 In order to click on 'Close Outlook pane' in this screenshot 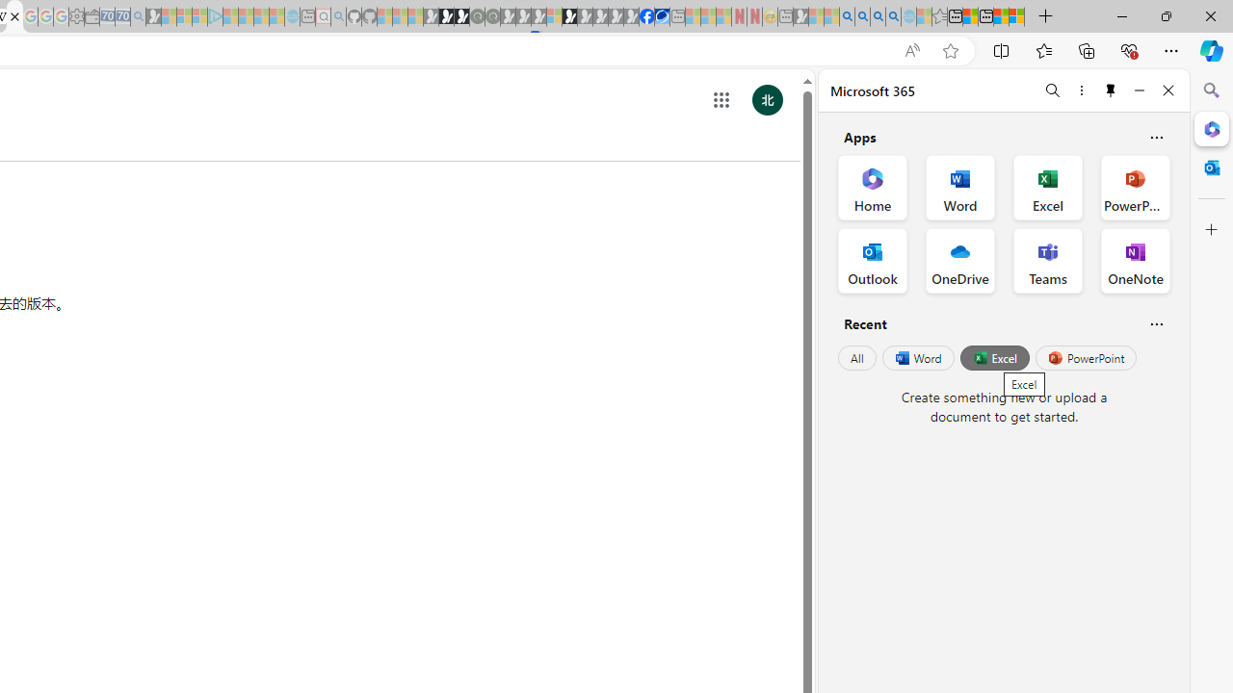, I will do `click(1211, 167)`.